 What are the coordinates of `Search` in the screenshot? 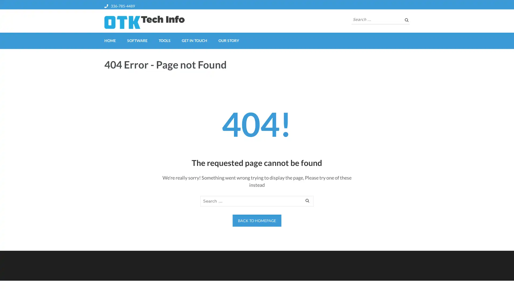 It's located at (406, 19).